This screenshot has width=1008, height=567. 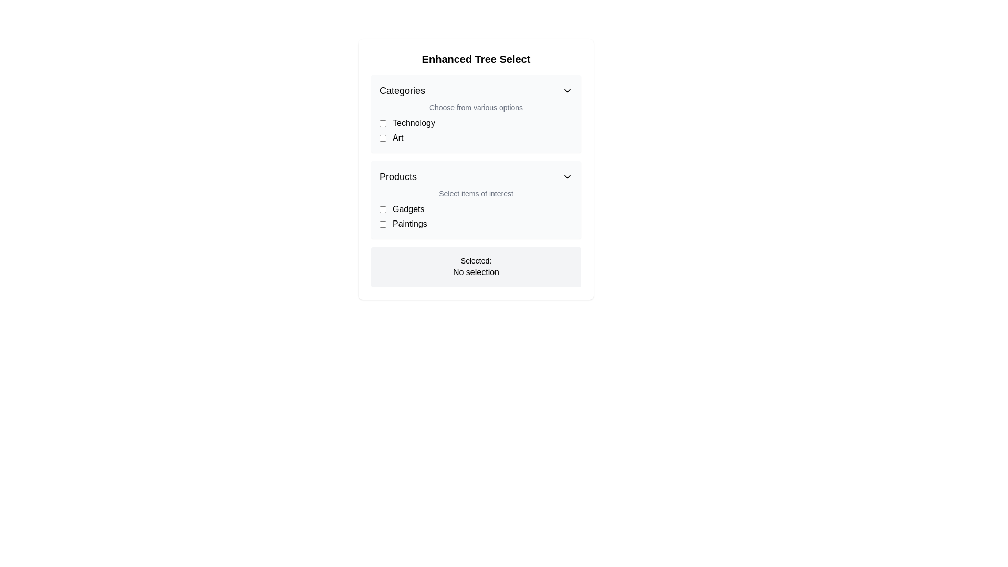 What do you see at coordinates (566, 176) in the screenshot?
I see `the chevron icon located at the right end of the 'Products' section header` at bounding box center [566, 176].